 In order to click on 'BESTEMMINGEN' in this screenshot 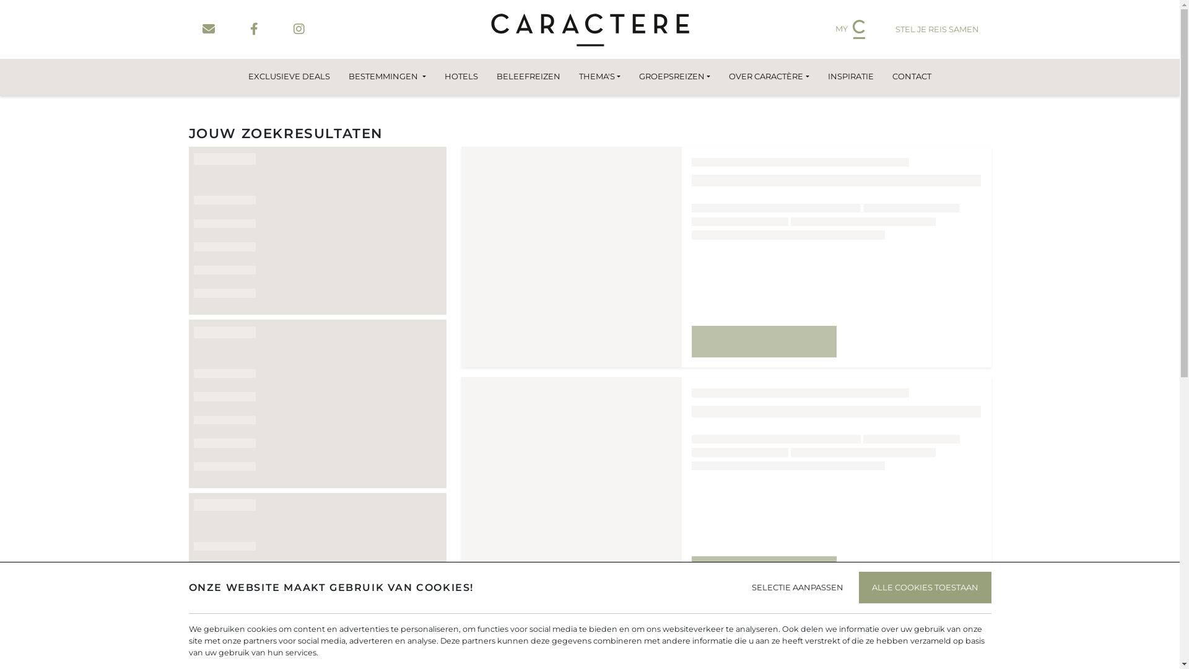, I will do `click(386, 76)`.